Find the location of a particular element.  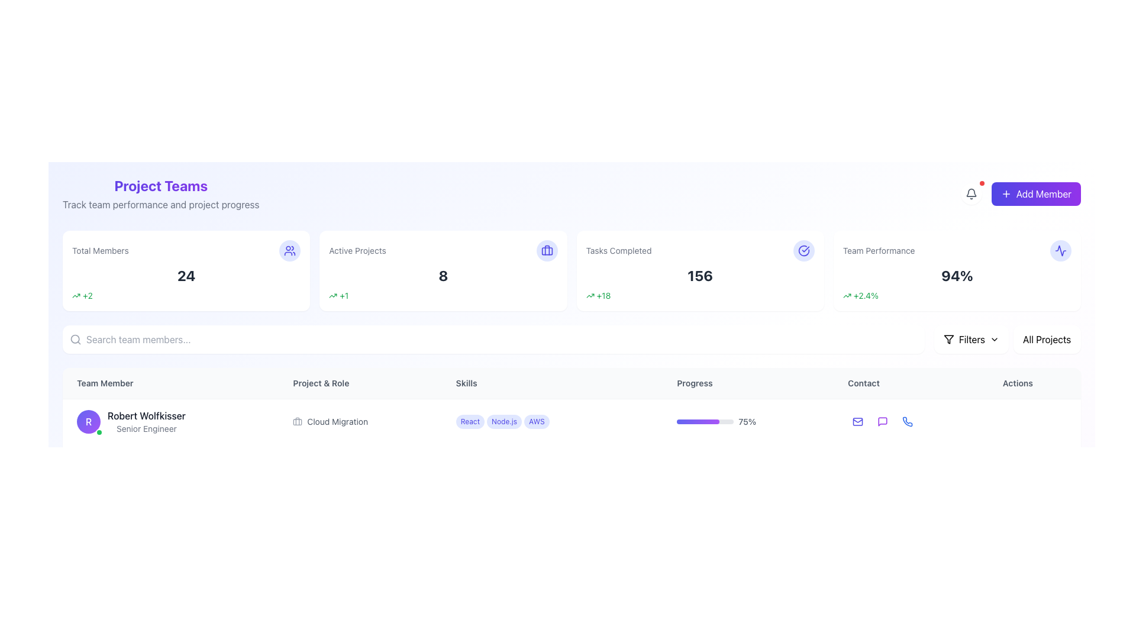

the icon representing projects or tasks located in the top-left region of the 'Active Projects' card in the top dashboard area is located at coordinates (546, 250).